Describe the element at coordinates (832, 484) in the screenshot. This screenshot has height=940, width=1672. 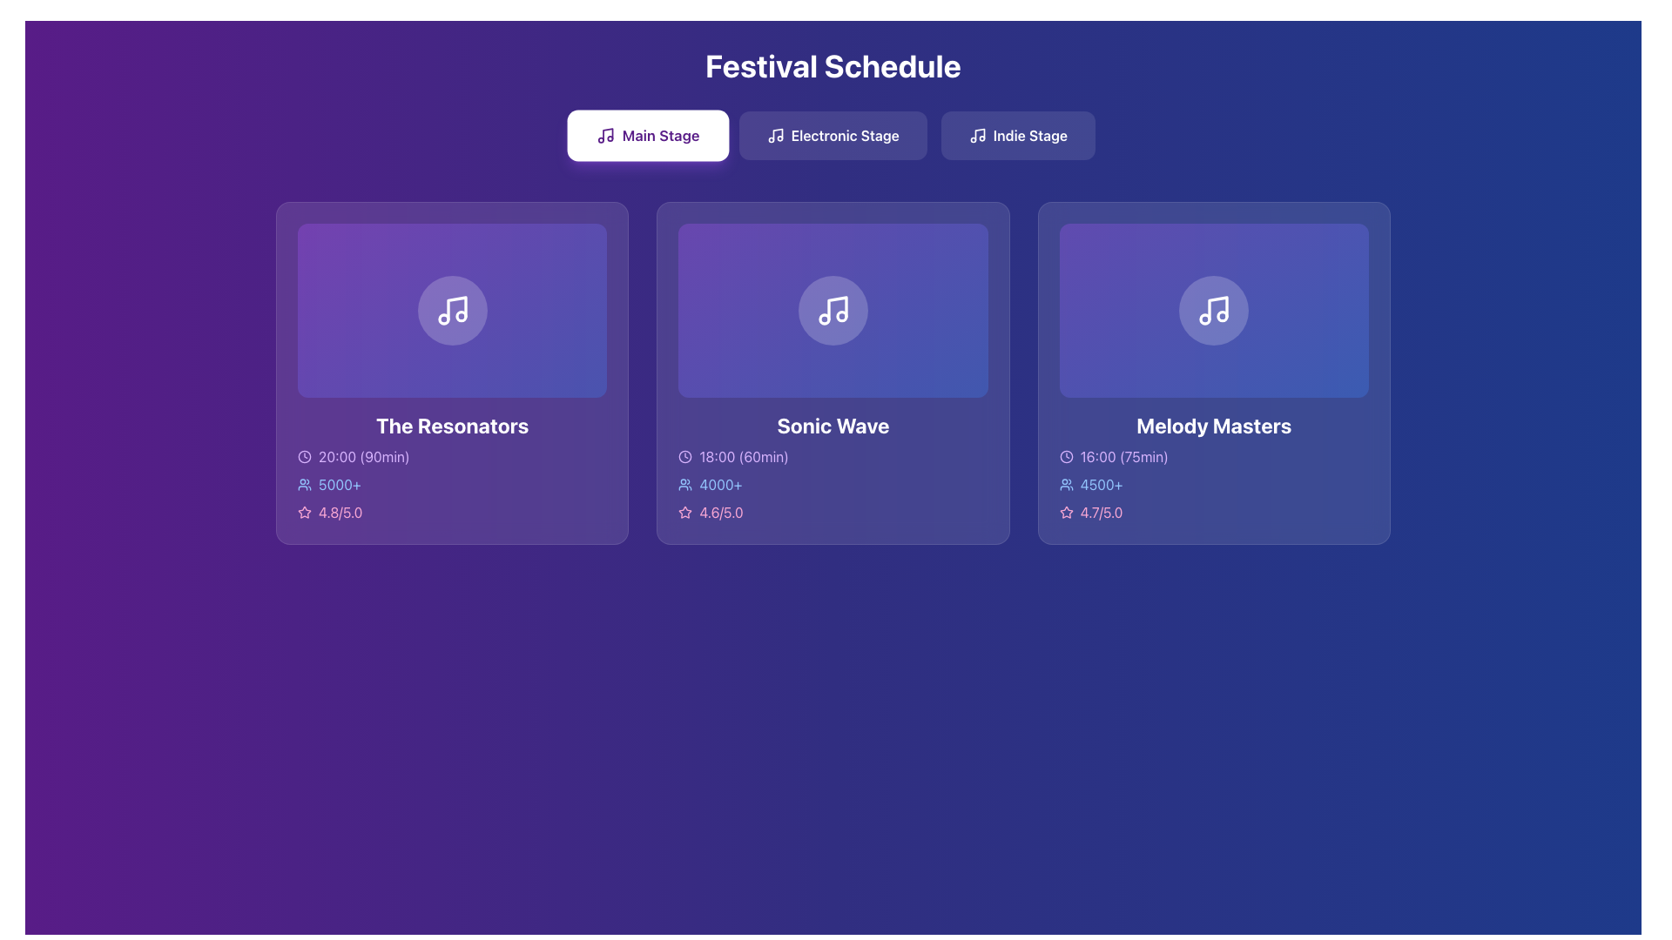
I see `number of attendees from the composite UI element indicating popularity for the 'Sonic Wave' event, located under '18:00 (60min)' and above the rating '4.6/5.0'` at that location.